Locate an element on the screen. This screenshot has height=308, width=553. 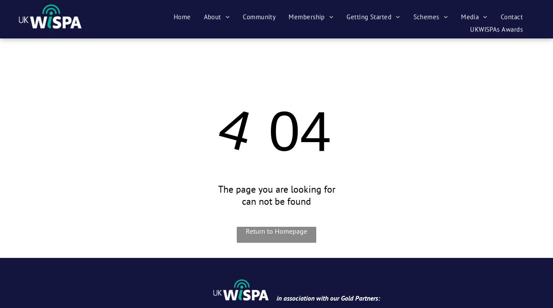
'Advisory Board' is located at coordinates (210, 49).